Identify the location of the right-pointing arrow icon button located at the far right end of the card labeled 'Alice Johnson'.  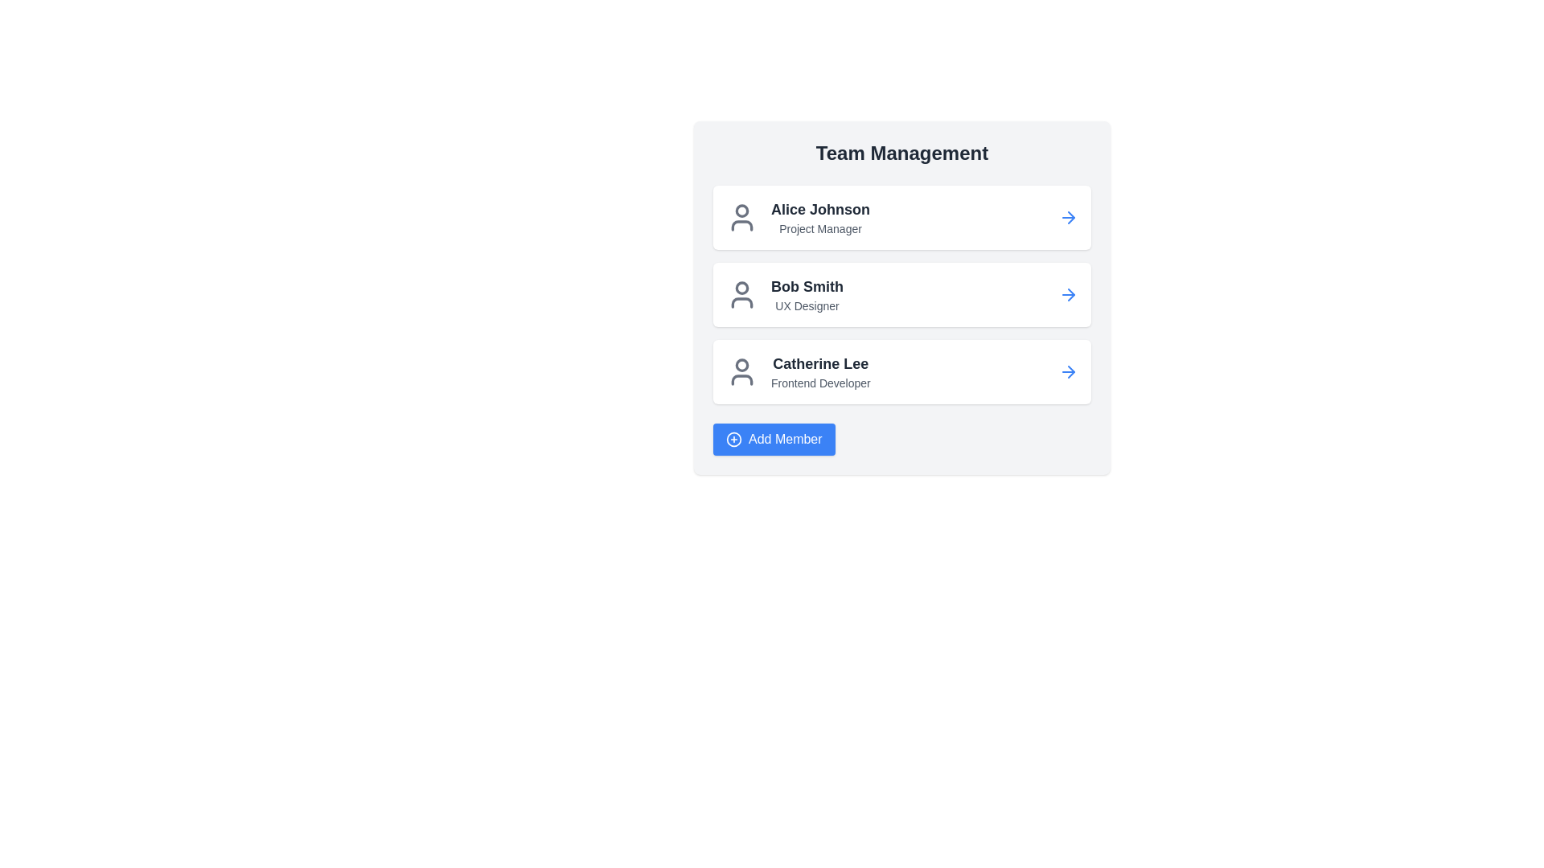
(1069, 217).